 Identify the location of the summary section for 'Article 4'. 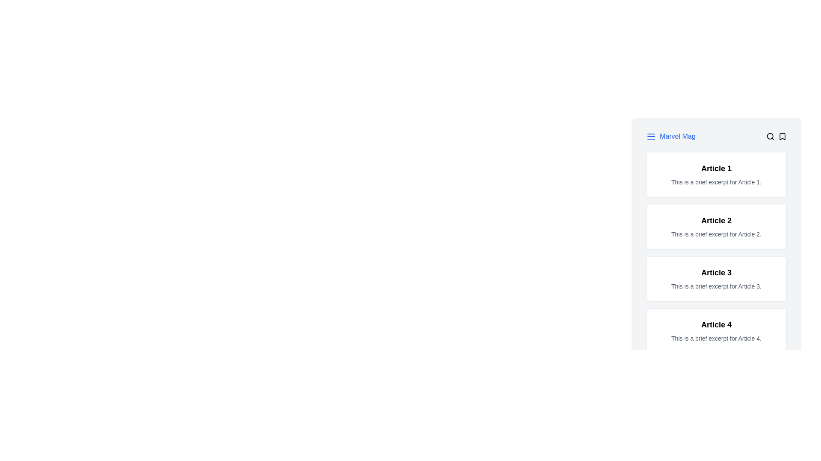
(716, 330).